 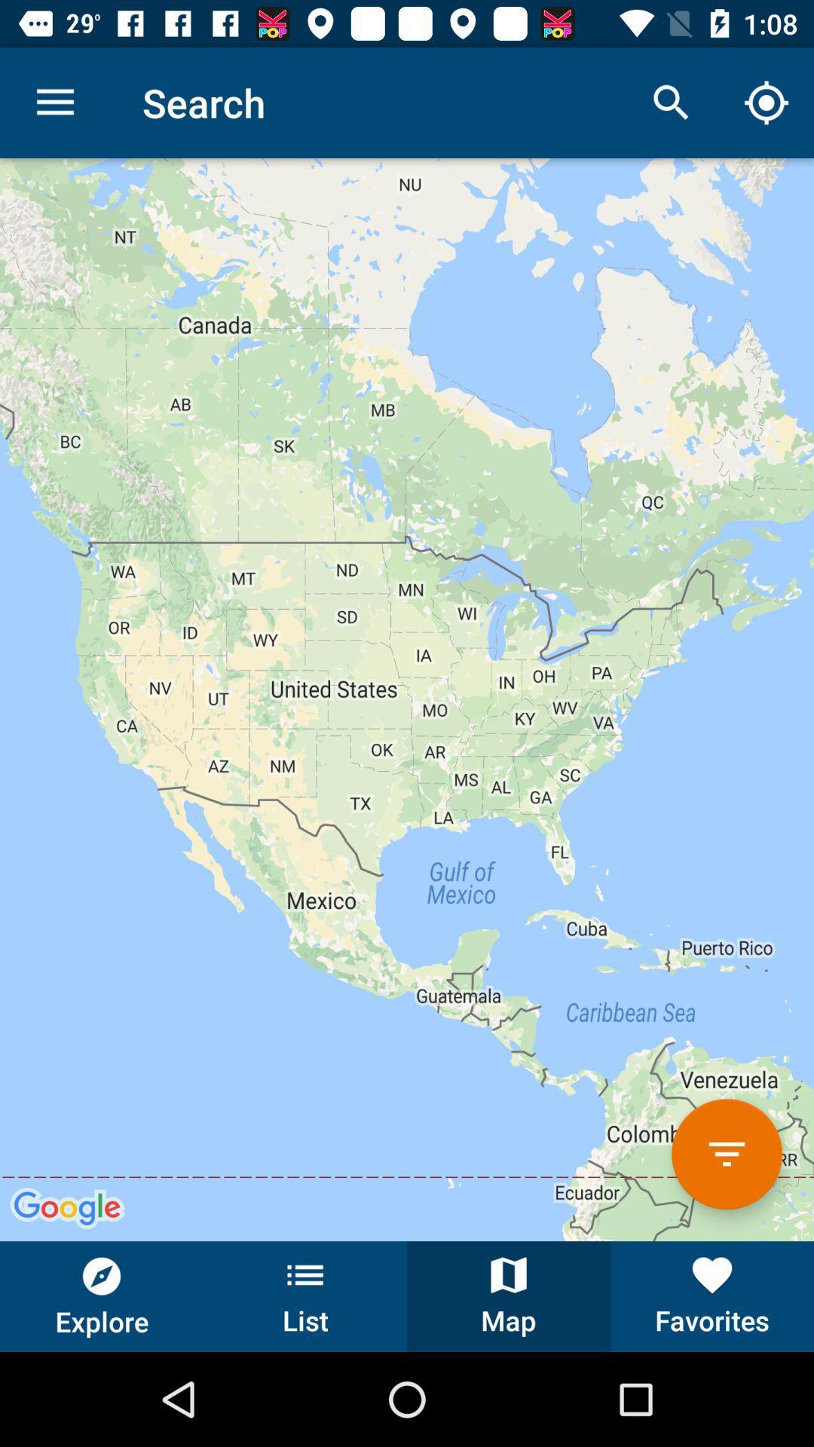 I want to click on list filtered data, so click(x=726, y=1153).